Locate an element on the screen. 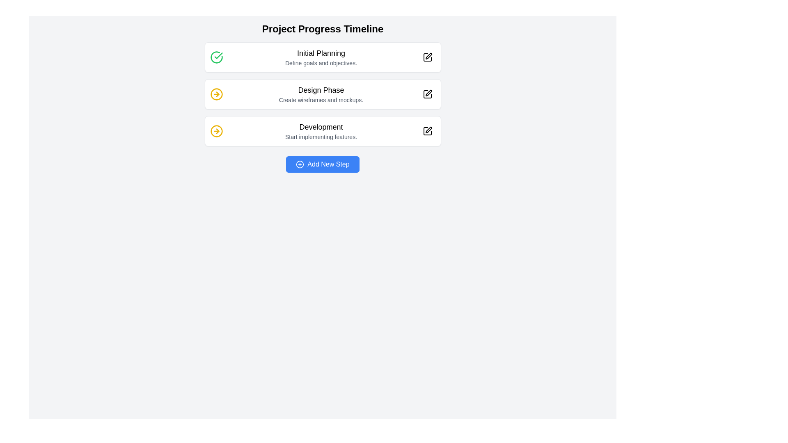 This screenshot has height=443, width=788. the editing icon located at the right end of the third row in the steps section to initiate editing of the 'Development' step information is located at coordinates (427, 131).